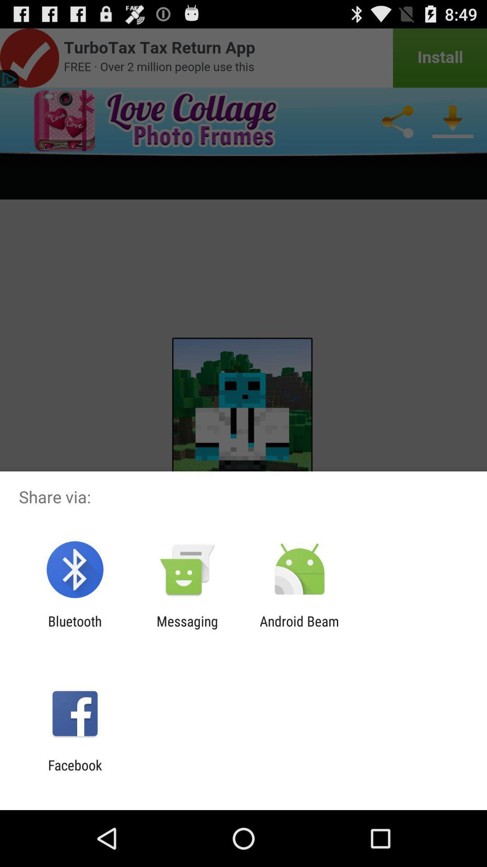  I want to click on item next to android beam app, so click(187, 629).